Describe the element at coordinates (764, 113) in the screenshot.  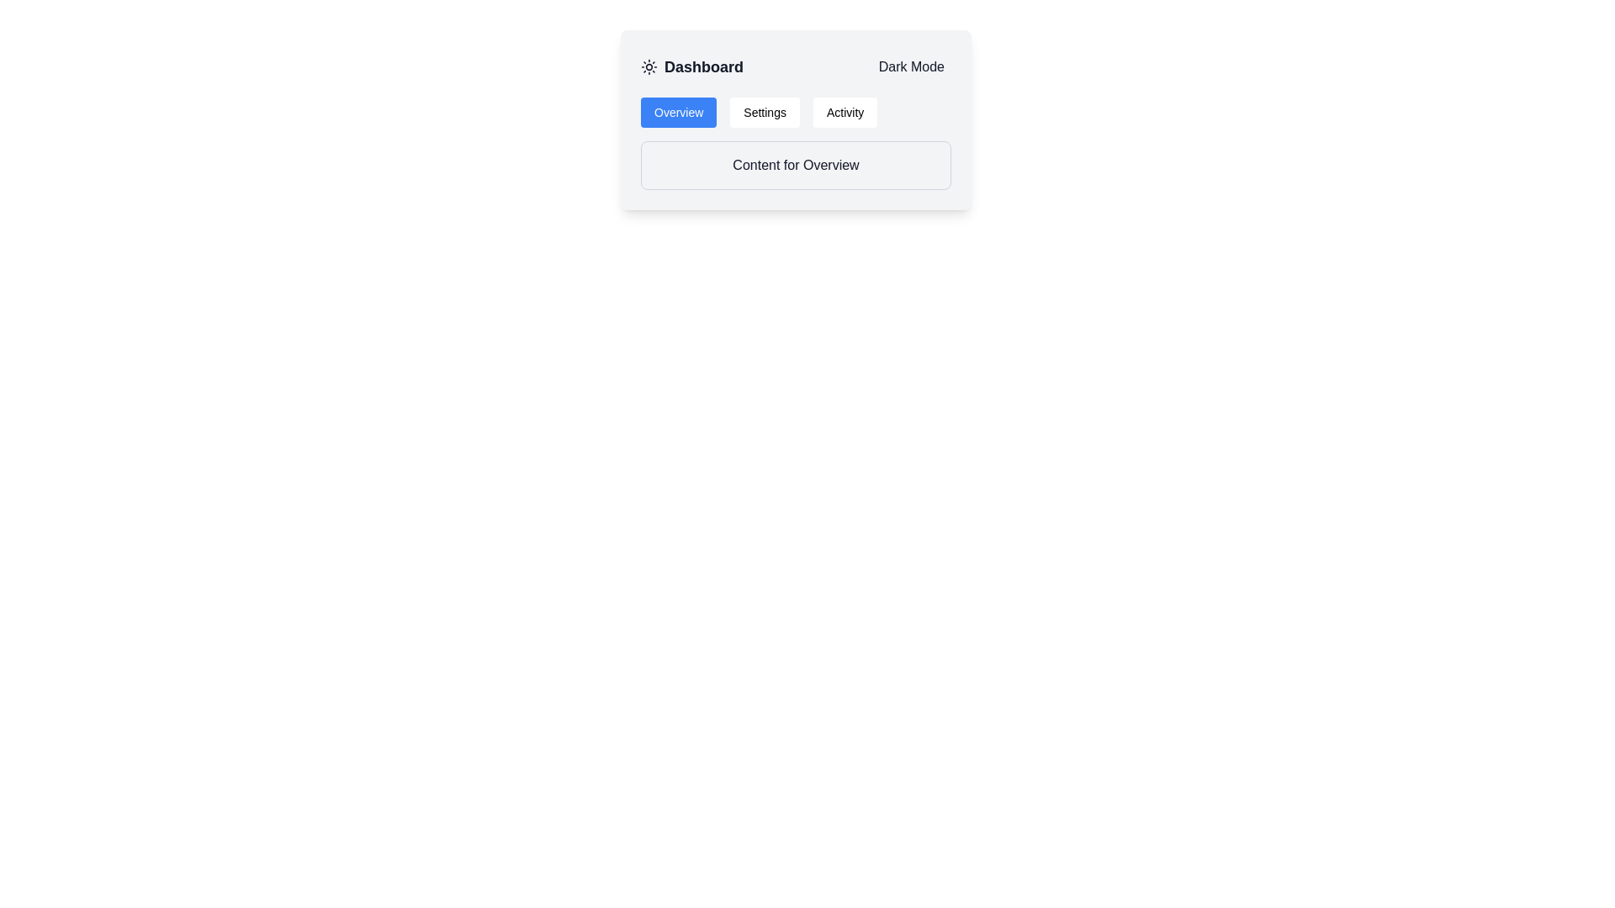
I see `the 'Settings' button, which is a rectangular button with a white background and black text, located centrally in a row of buttons, to change its background color to light gray` at that location.